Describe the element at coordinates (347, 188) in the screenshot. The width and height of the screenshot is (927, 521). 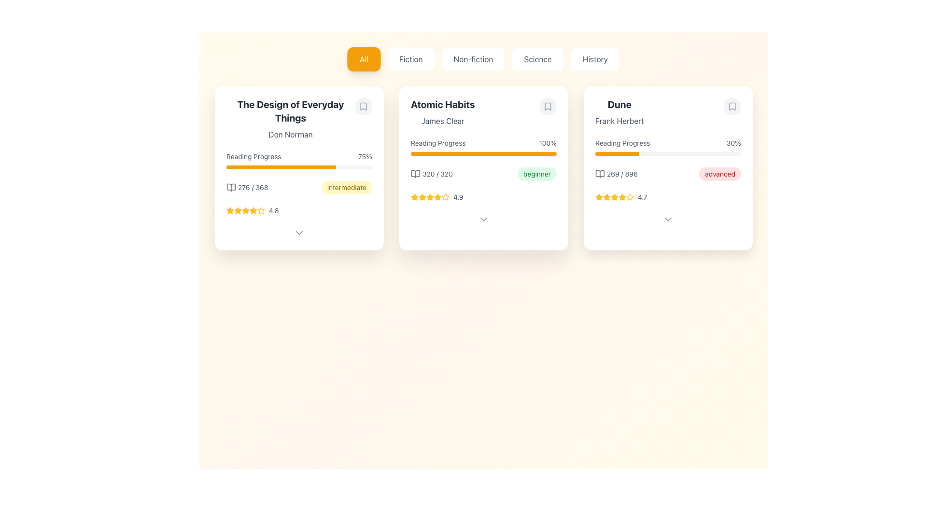
I see `text from the pill-shaped label displaying 'intermediate' with a yellow background, located in the card for 'The Design of Everyday Things' near the bottom right of the reading progress indicator` at that location.